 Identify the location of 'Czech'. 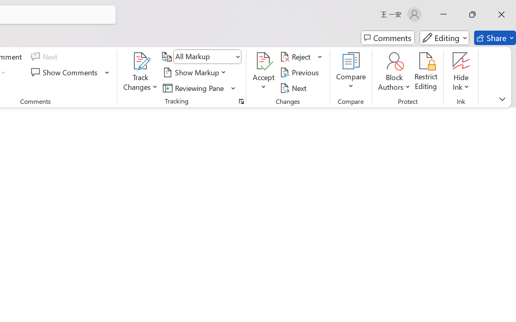
(416, 183).